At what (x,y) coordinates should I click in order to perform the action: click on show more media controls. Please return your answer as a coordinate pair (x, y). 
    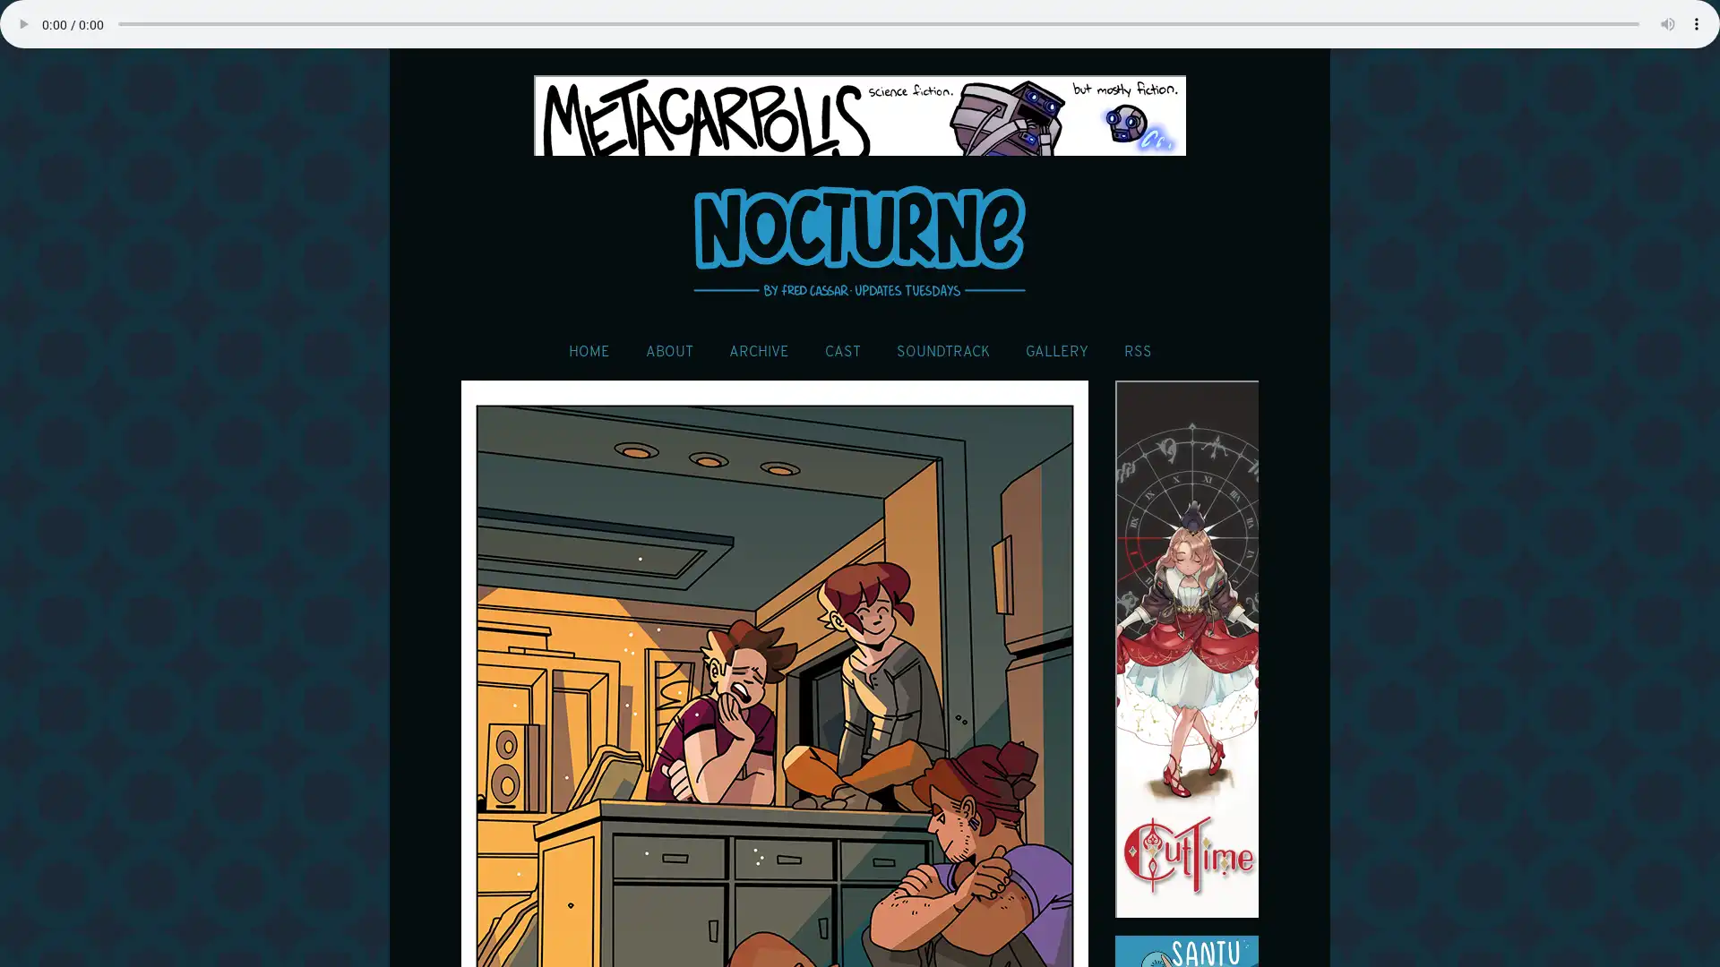
    Looking at the image, I should click on (1696, 24).